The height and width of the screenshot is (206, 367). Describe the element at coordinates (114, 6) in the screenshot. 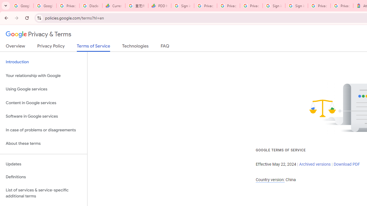

I see `'Currencies - Google Finance'` at that location.